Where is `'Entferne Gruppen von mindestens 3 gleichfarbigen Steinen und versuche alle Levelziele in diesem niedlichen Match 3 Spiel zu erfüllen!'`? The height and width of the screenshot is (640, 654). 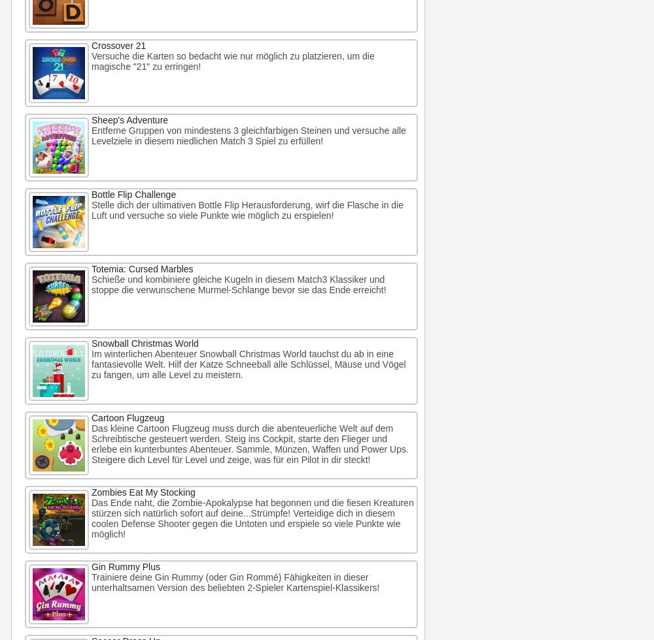 'Entferne Gruppen von mindestens 3 gleichfarbigen Steinen und versuche alle Levelziele in diesem niedlichen Match 3 Spiel zu erfüllen!' is located at coordinates (249, 135).